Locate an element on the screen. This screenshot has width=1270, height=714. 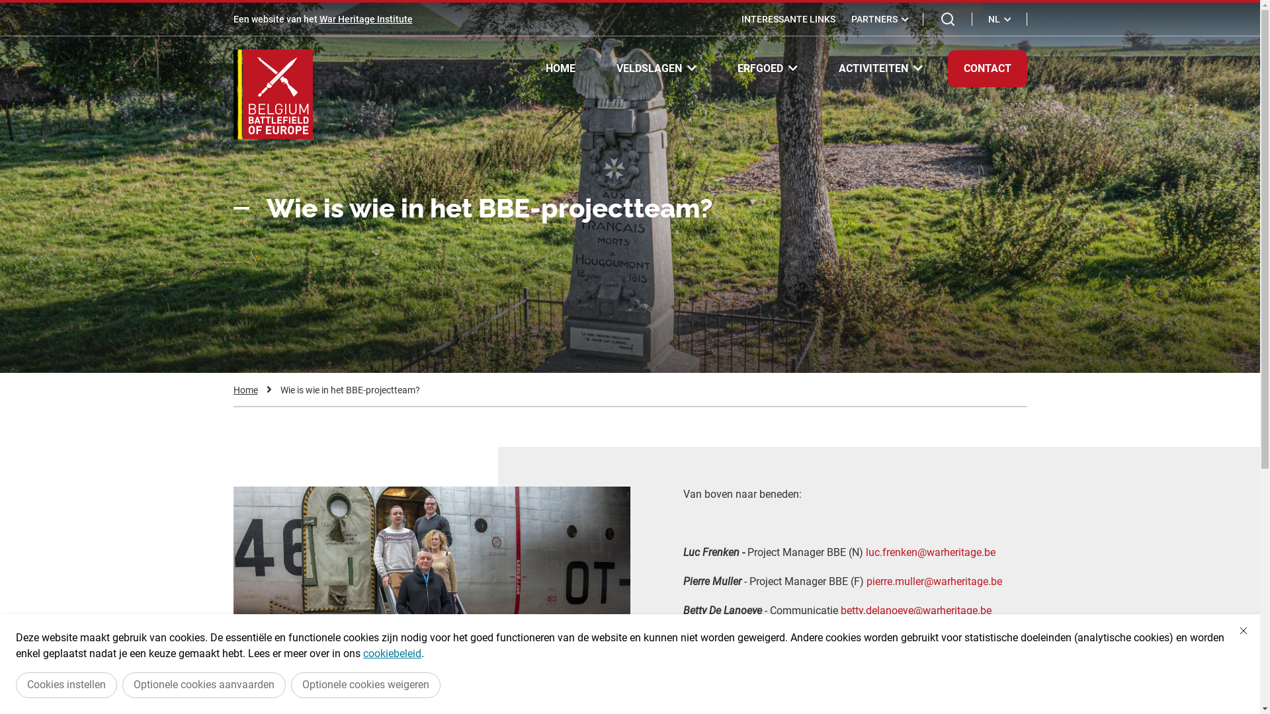
'Optionele cookies aanvaarden' is located at coordinates (203, 684).